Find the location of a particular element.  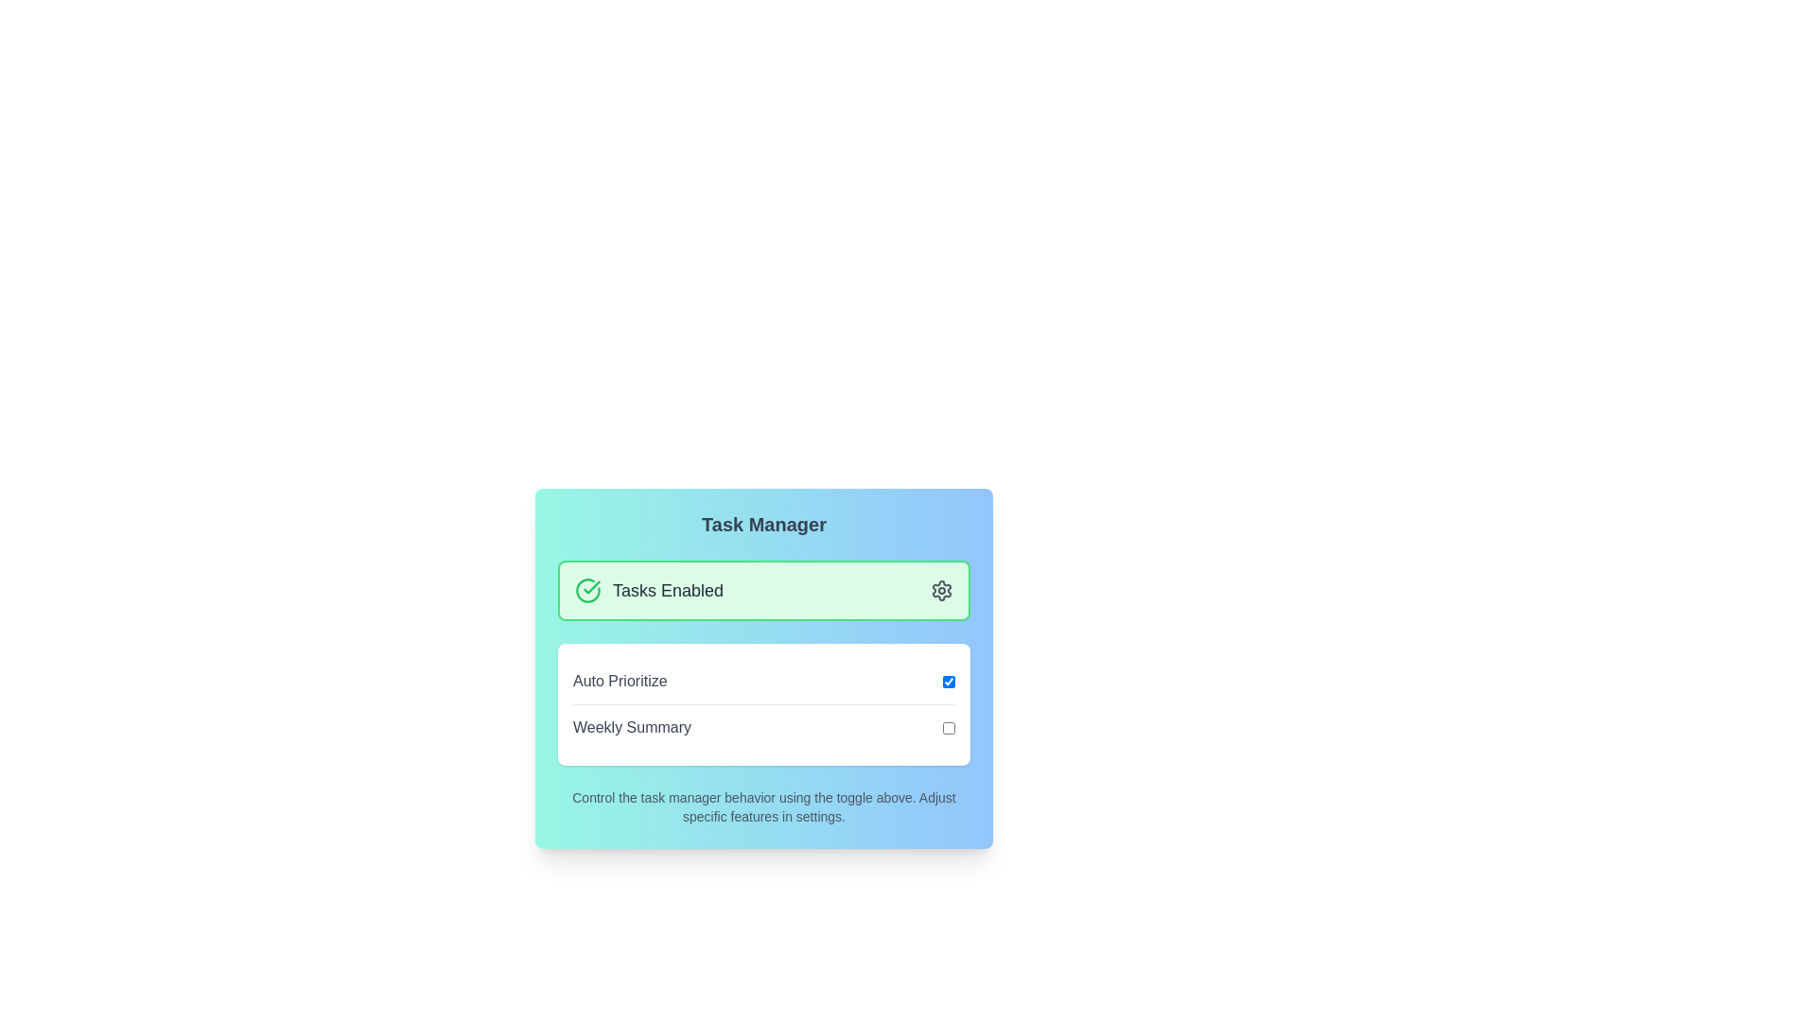

the label that describes the 'Auto Prioritize' toggle checkbox, located in the left section of the 'Task Manager' panel interface, above the 'Weekly Summary' label is located at coordinates (620, 682).